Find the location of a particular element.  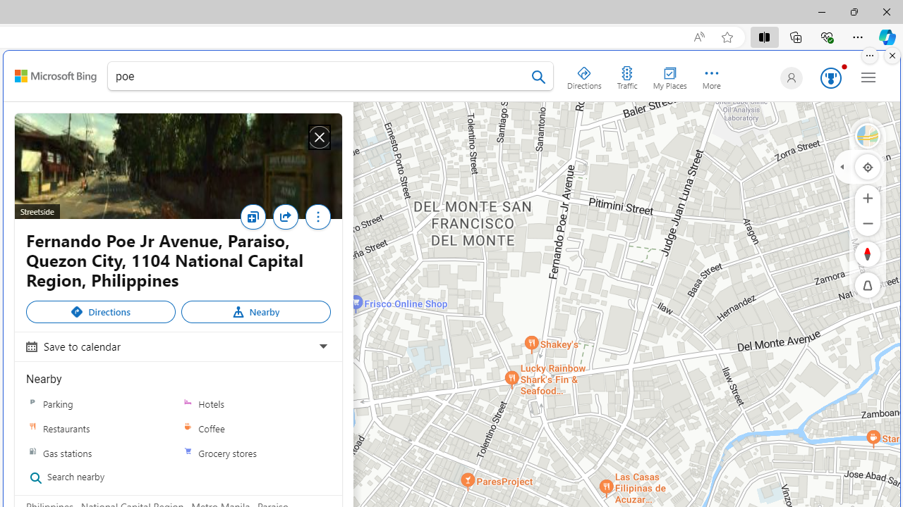

'Split screen' is located at coordinates (763, 36).